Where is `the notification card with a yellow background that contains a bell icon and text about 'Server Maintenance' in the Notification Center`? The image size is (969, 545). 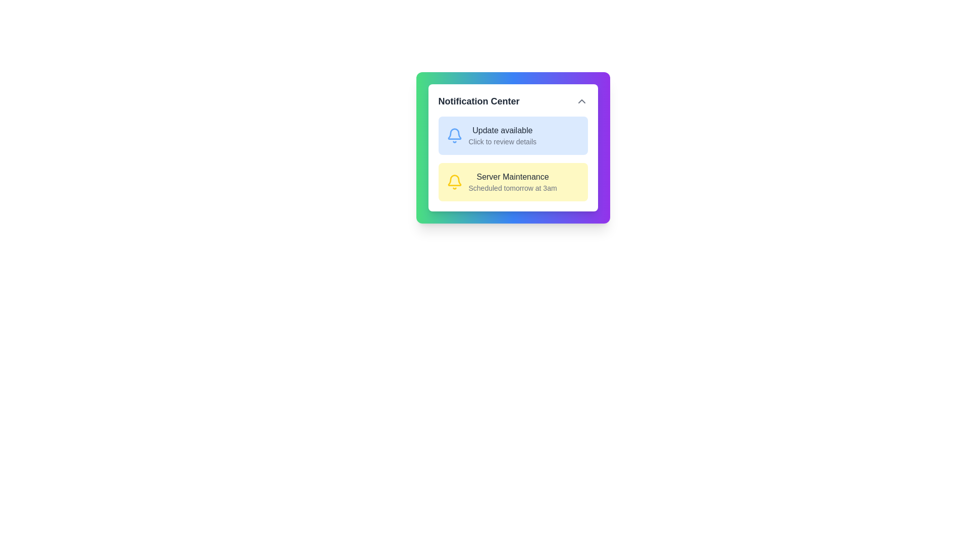 the notification card with a yellow background that contains a bell icon and text about 'Server Maintenance' in the Notification Center is located at coordinates (513, 182).